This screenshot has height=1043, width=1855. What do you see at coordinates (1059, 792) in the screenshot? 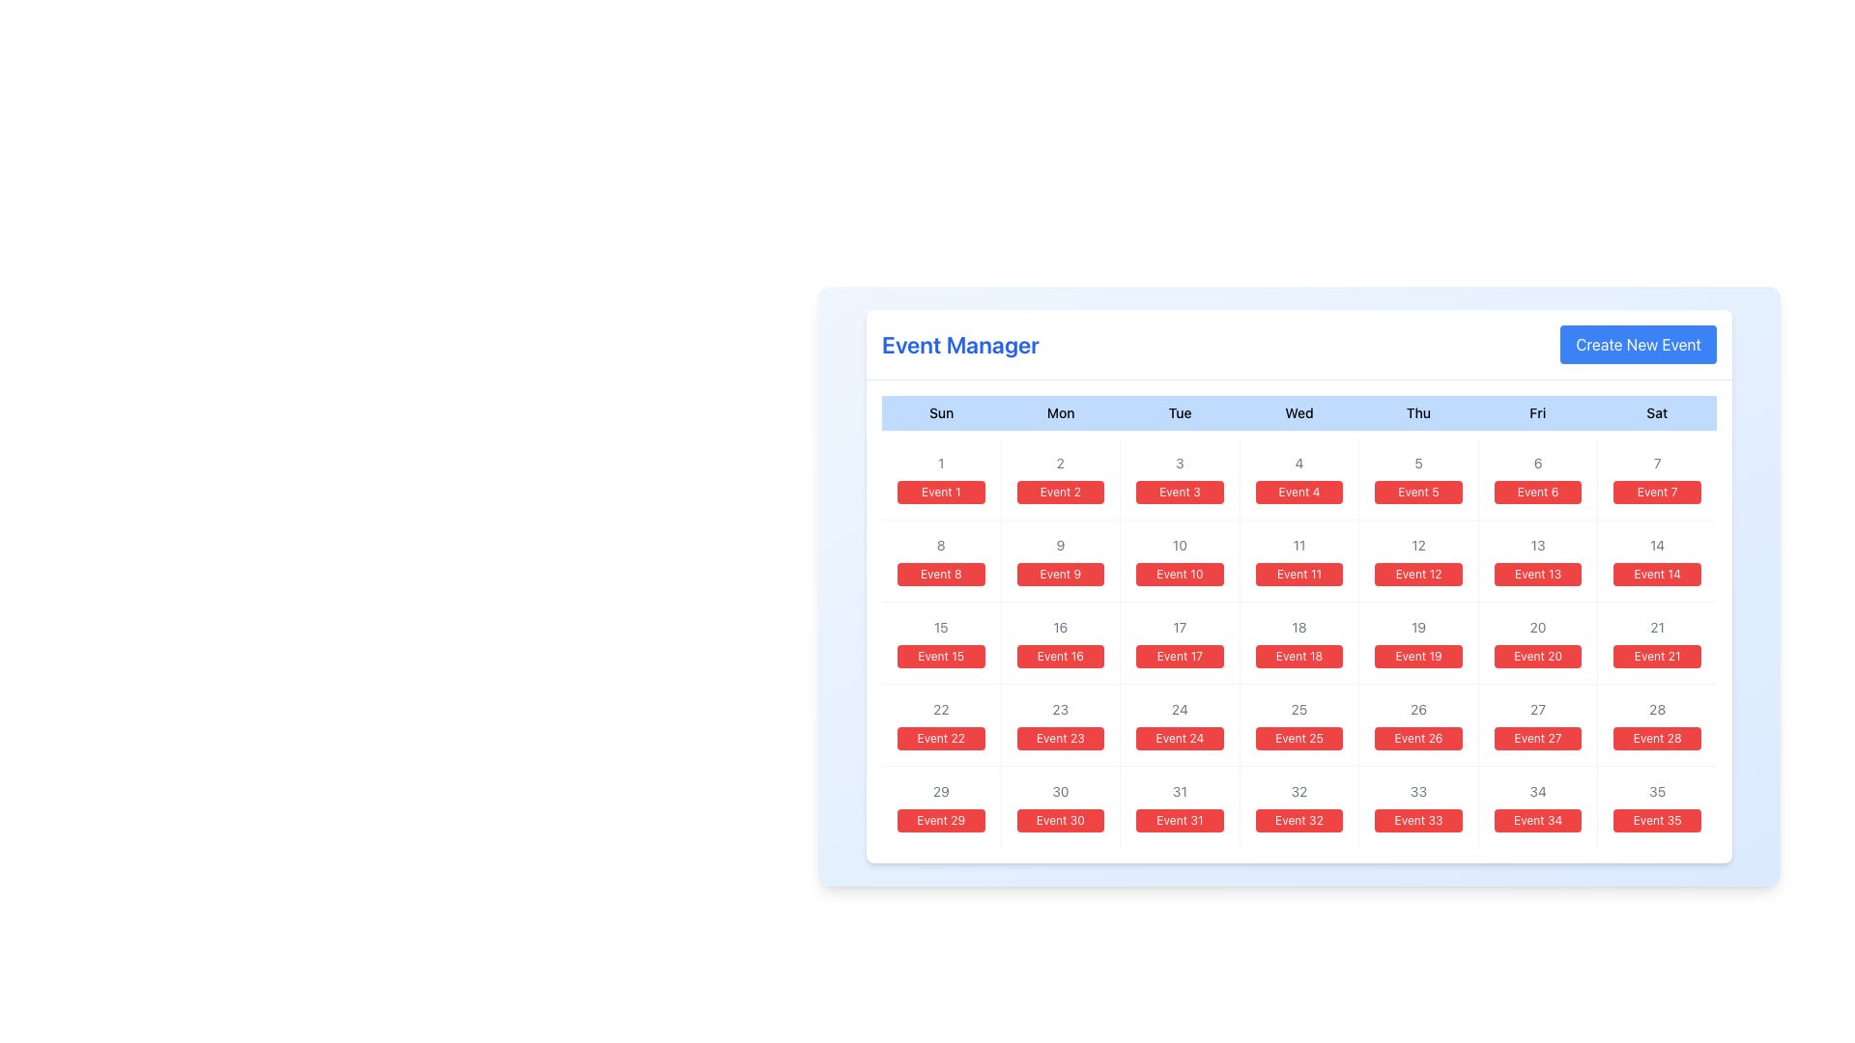
I see `numerical text '30' displayed in gray font above the red button labeled 'Event 30' in the calendar interface` at bounding box center [1059, 792].